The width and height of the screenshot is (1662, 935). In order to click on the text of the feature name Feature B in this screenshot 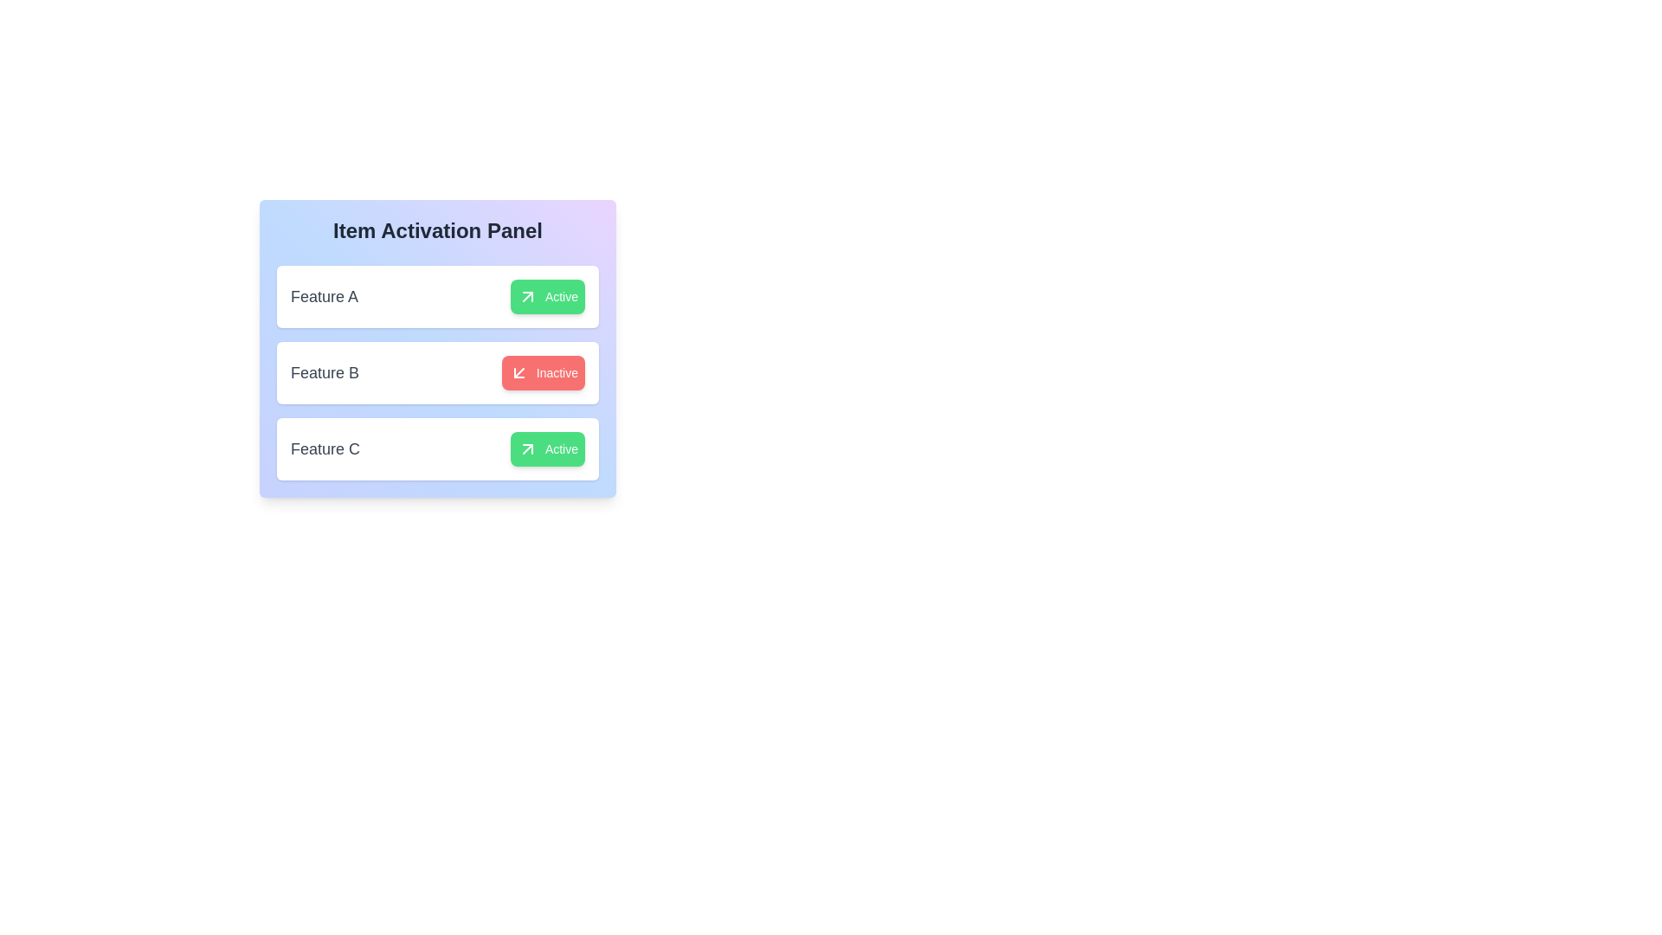, I will do `click(324, 372)`.